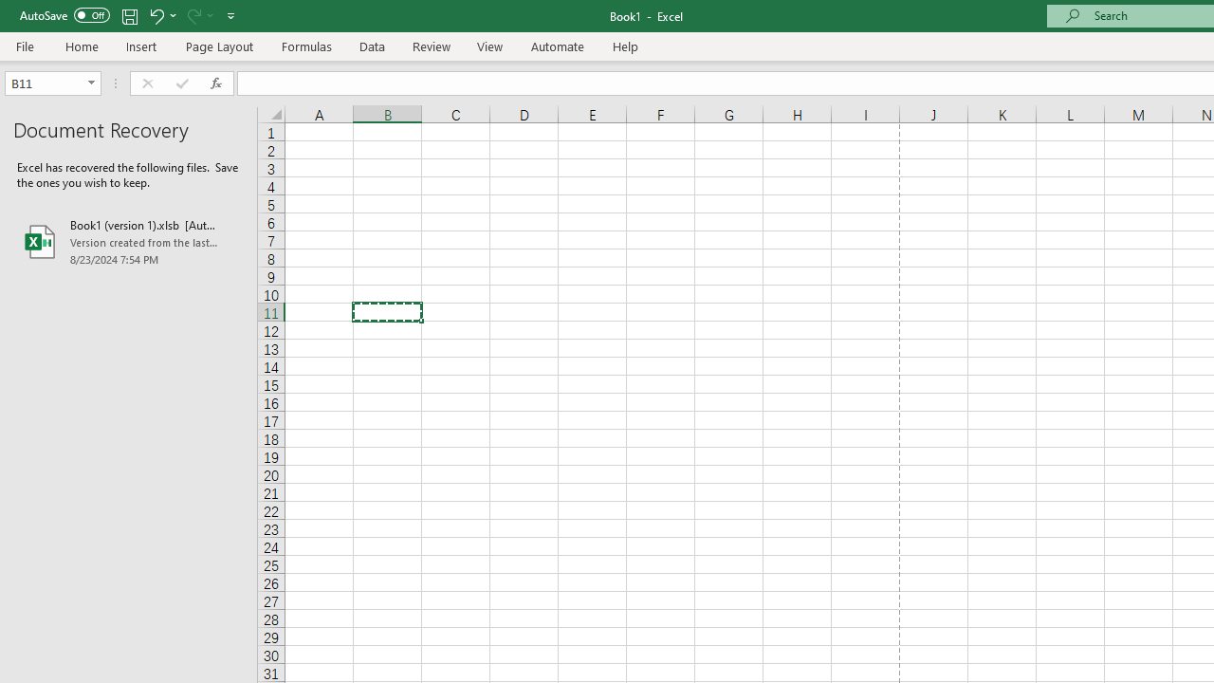 The height and width of the screenshot is (683, 1214). I want to click on 'Automate', so click(557, 46).